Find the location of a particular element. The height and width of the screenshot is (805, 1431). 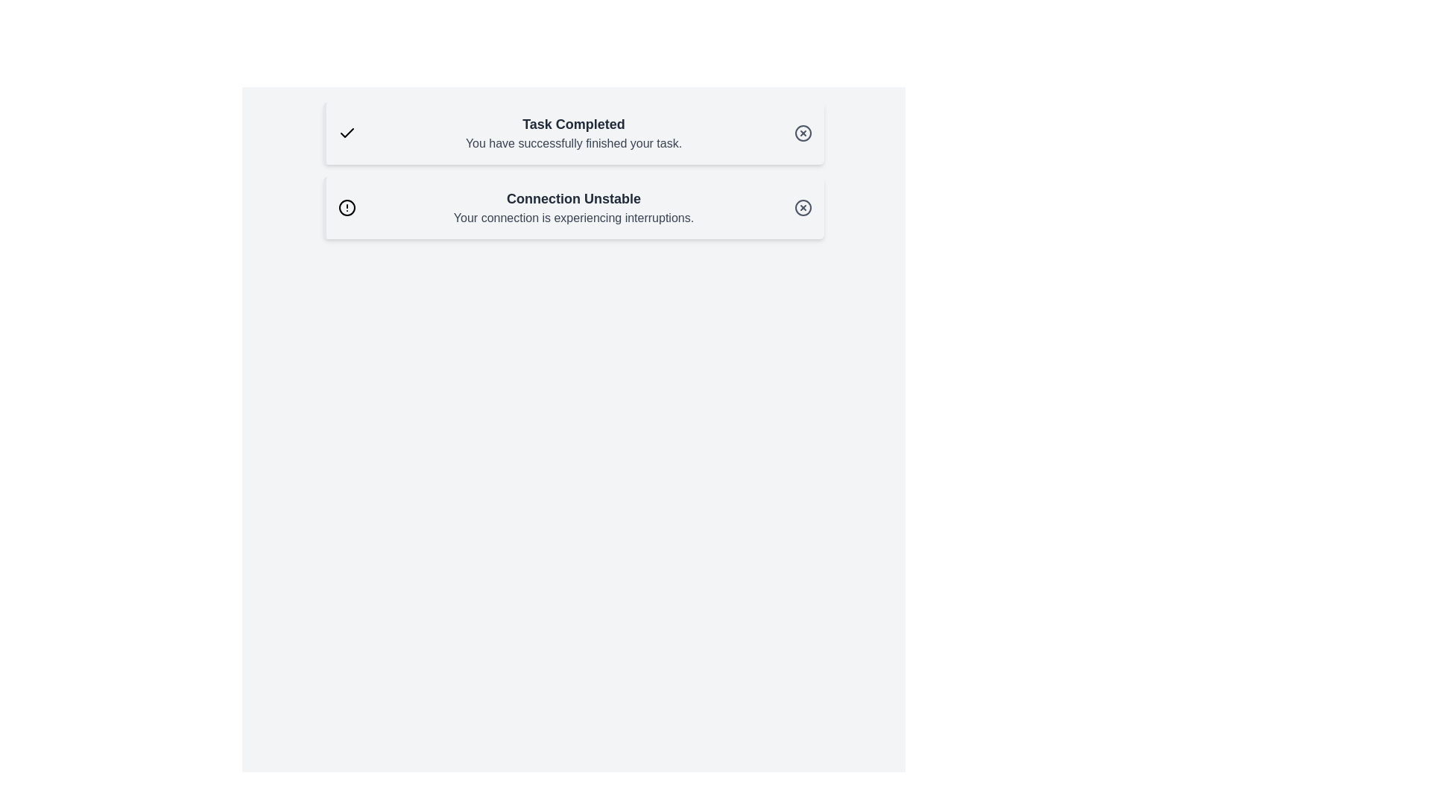

message from the Notification box, which is the second item in a vertical list informing the user of connectivity issues is located at coordinates (572, 207).